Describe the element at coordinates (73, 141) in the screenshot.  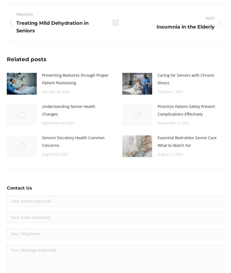
I see `'Seniors’ Excretory Health Common Concerns'` at that location.